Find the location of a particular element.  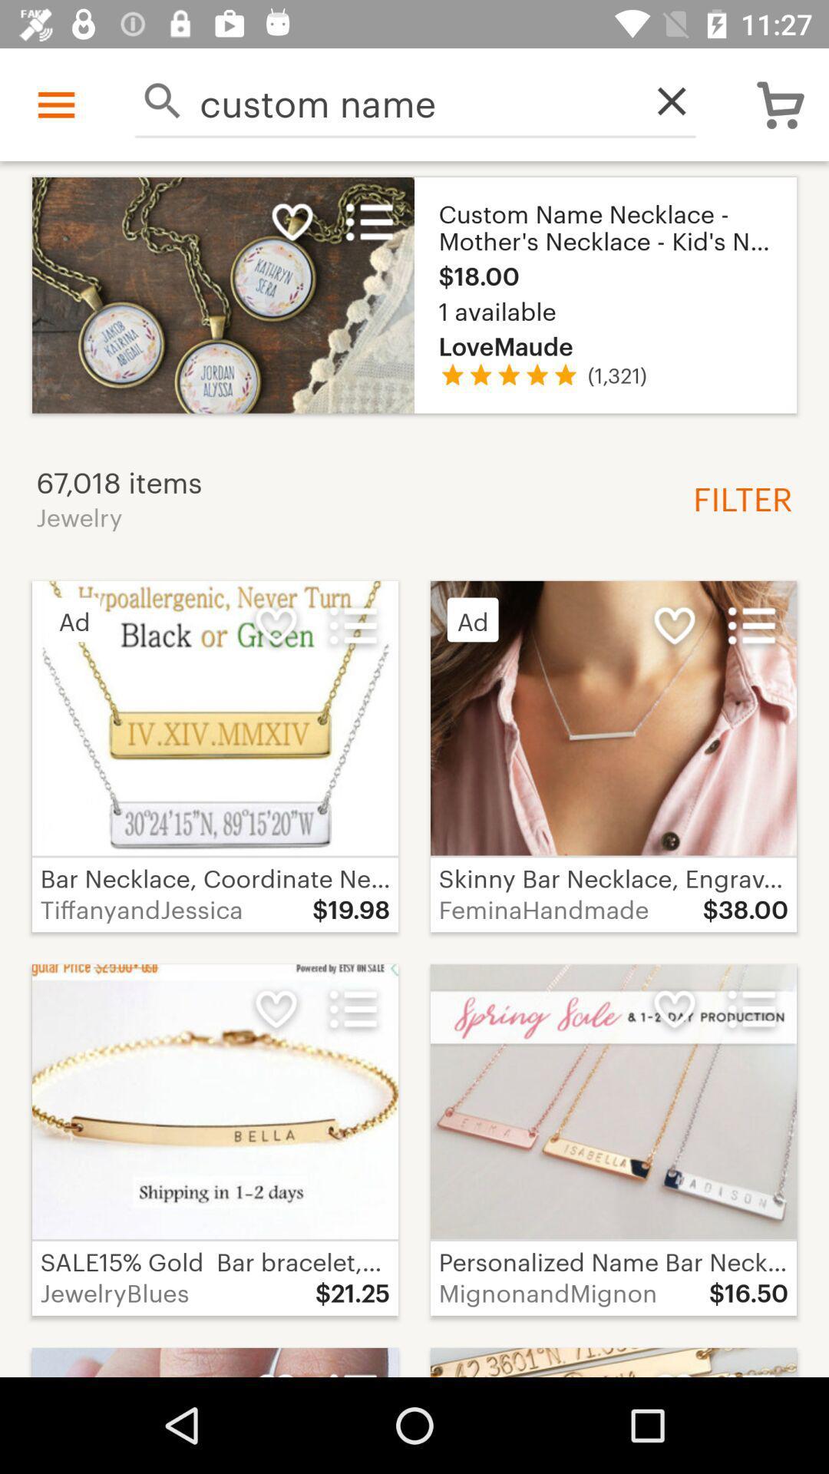

the top image is located at coordinates (414, 295).